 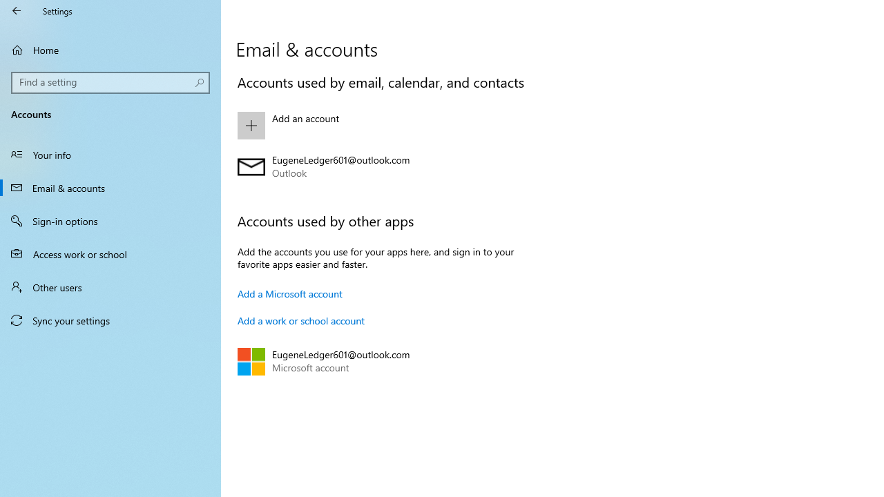 What do you see at coordinates (110, 187) in the screenshot?
I see `'Email & accounts'` at bounding box center [110, 187].